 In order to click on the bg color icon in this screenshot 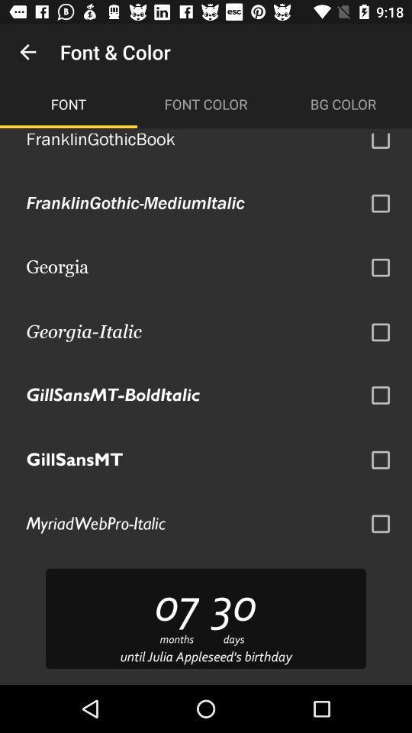, I will do `click(343, 103)`.